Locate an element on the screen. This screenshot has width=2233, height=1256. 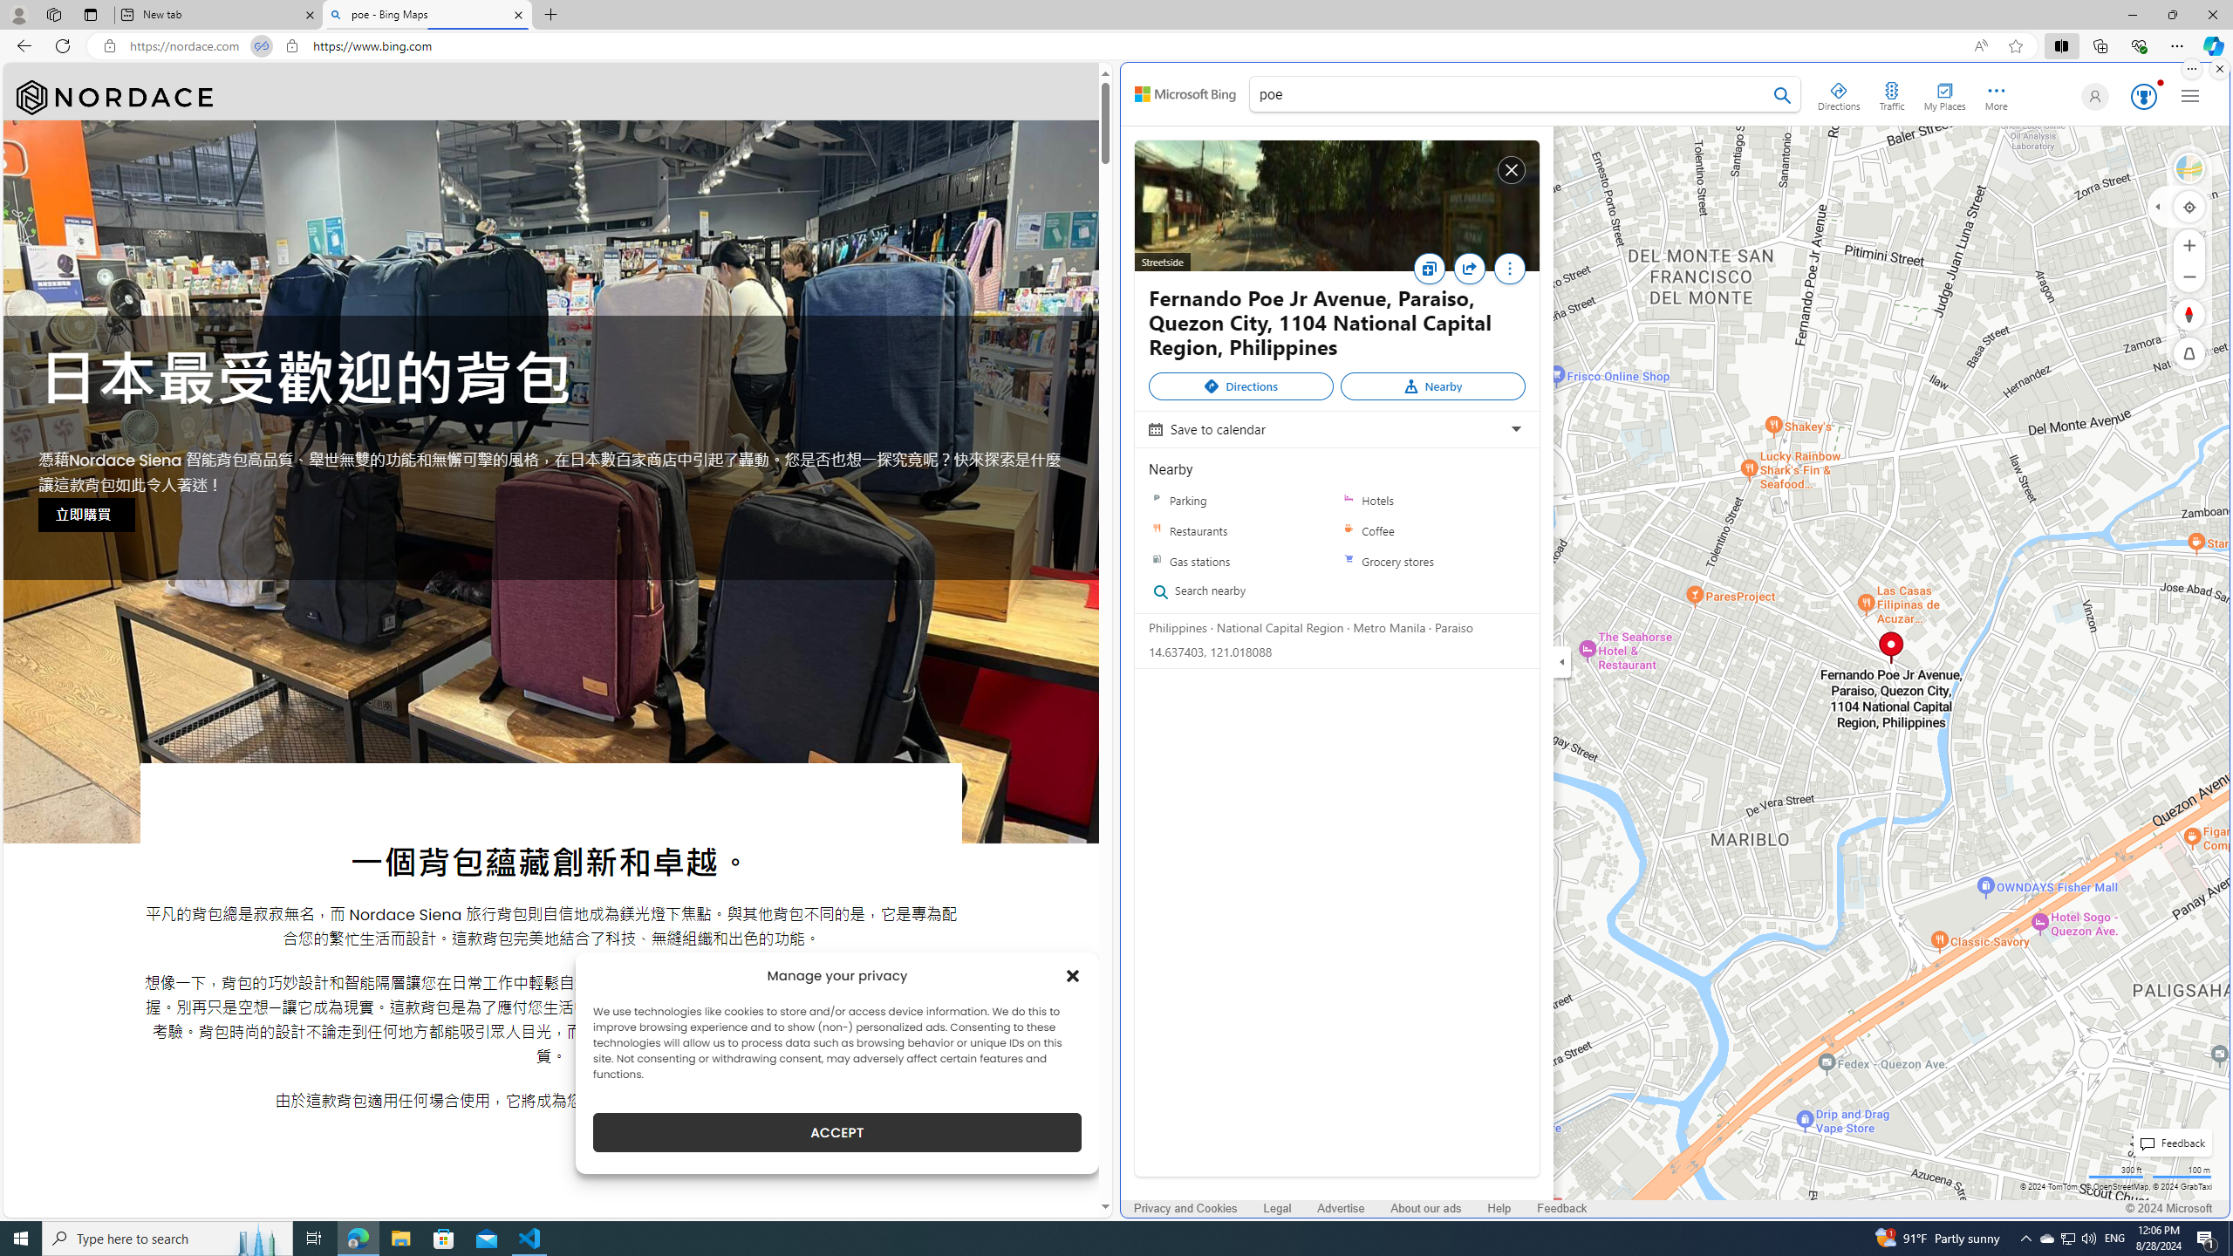
'My Places' is located at coordinates (1944, 93).